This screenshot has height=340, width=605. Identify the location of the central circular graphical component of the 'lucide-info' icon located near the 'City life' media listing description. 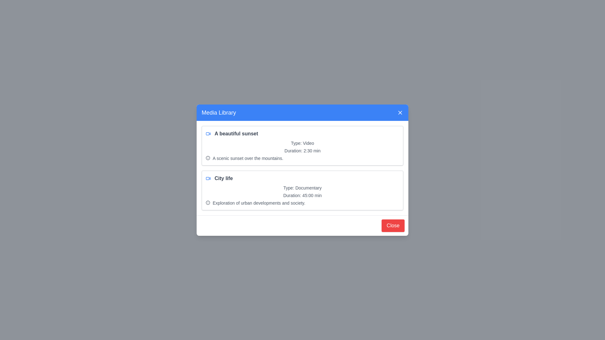
(208, 202).